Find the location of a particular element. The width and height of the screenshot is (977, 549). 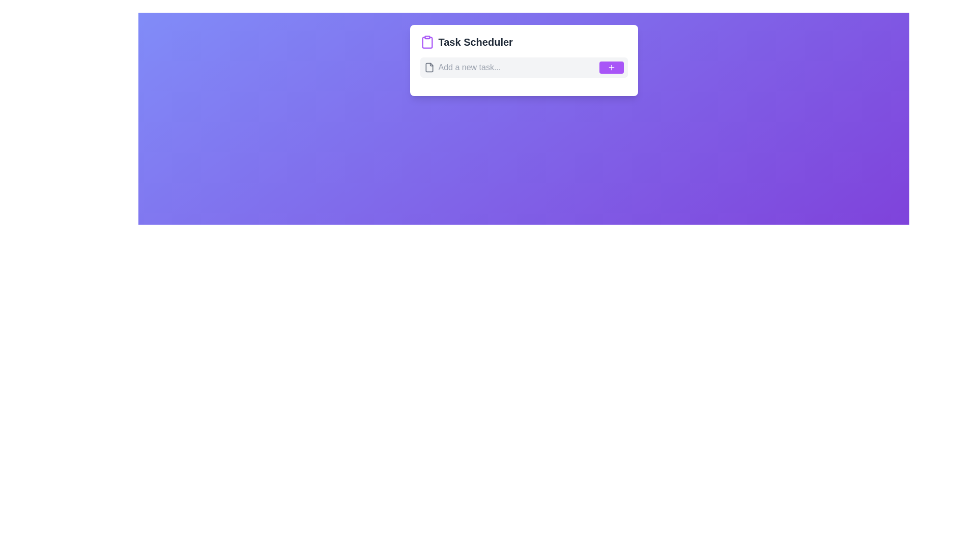

the appearance of the file or document icon located to the left of the 'Add a new task...' text field is located at coordinates (429, 67).